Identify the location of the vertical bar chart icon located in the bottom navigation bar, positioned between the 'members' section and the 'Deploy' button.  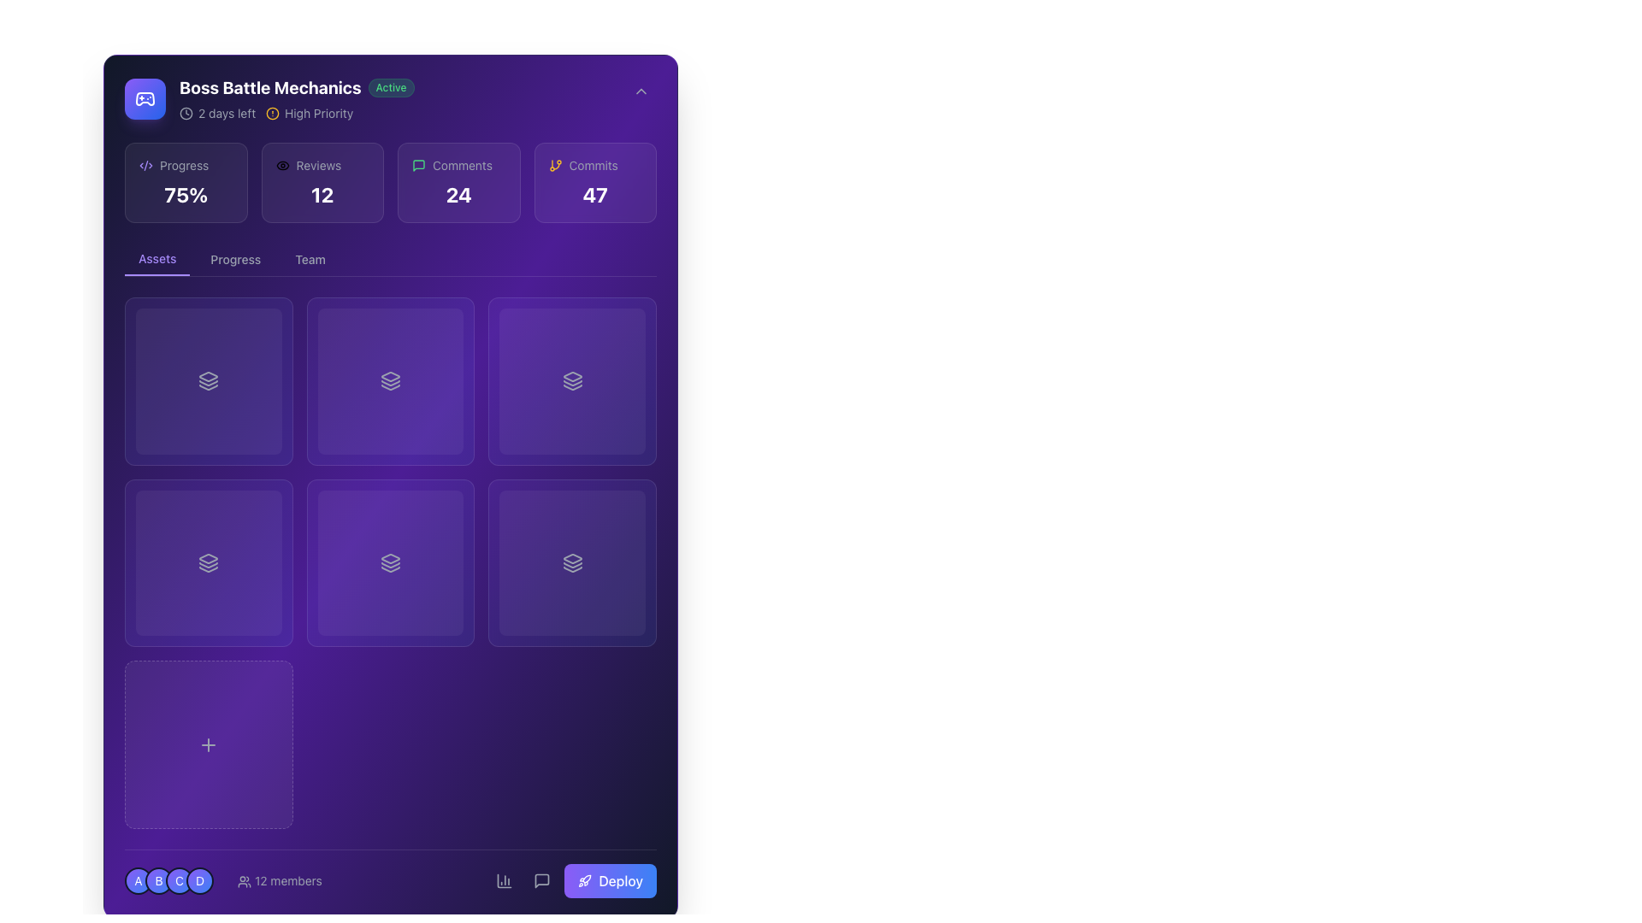
(504, 880).